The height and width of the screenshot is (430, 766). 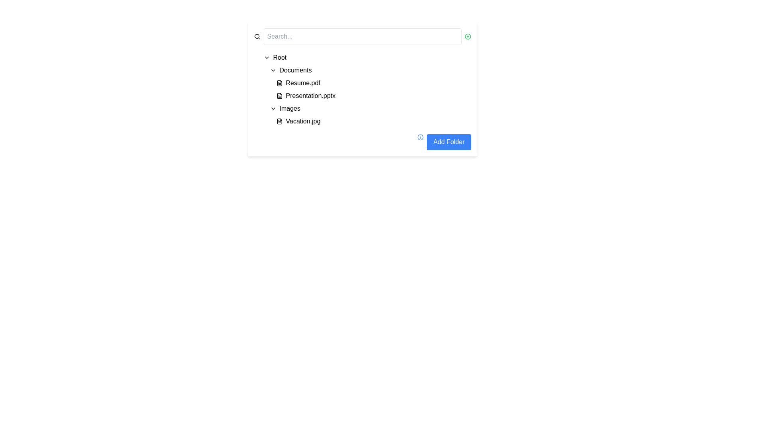 What do you see at coordinates (279, 121) in the screenshot?
I see `the small minimalistic outline file icon located on the left side of the 'Vacation.jpg' file label, which features a rectangular shape with a folded corner and horizontal lines inside, indicating it represents a document` at bounding box center [279, 121].